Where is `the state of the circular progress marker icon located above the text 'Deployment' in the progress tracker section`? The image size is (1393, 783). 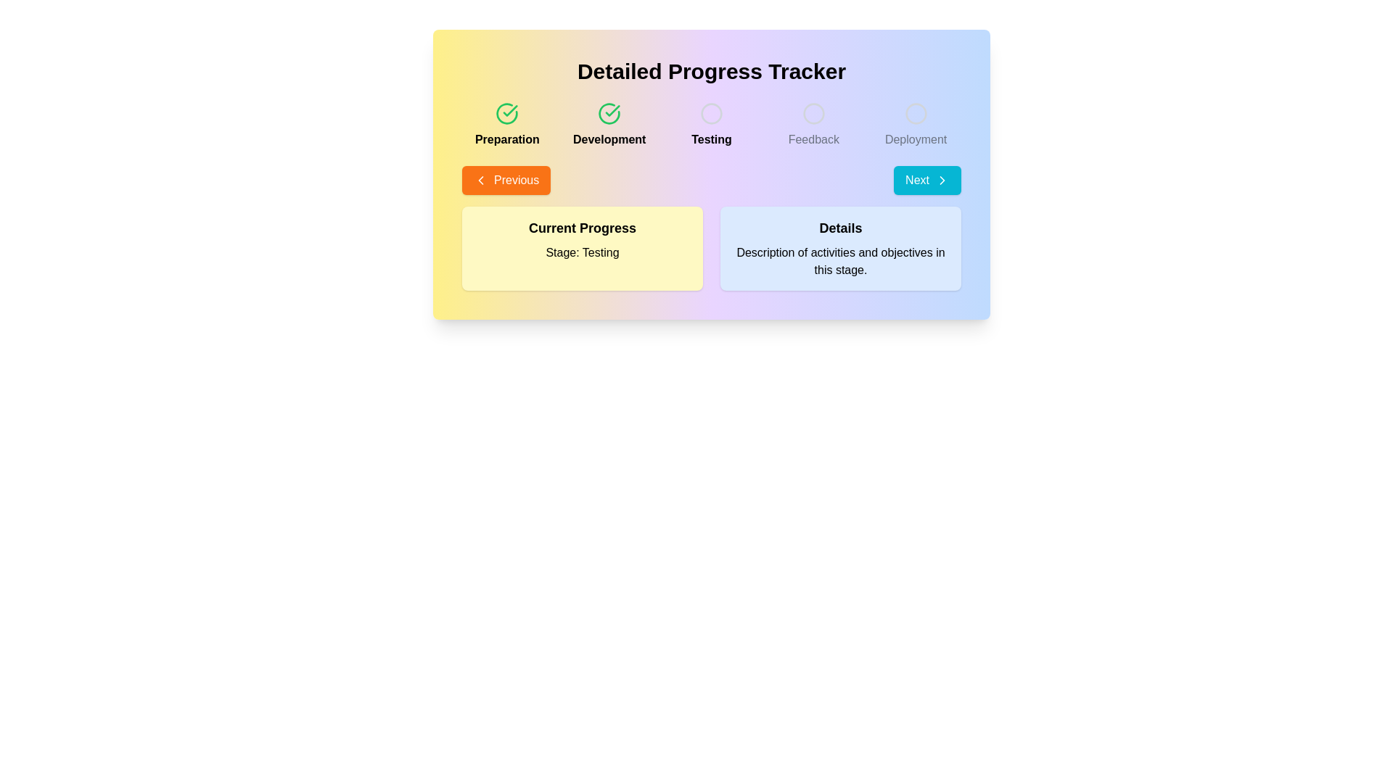 the state of the circular progress marker icon located above the text 'Deployment' in the progress tracker section is located at coordinates (915, 113).